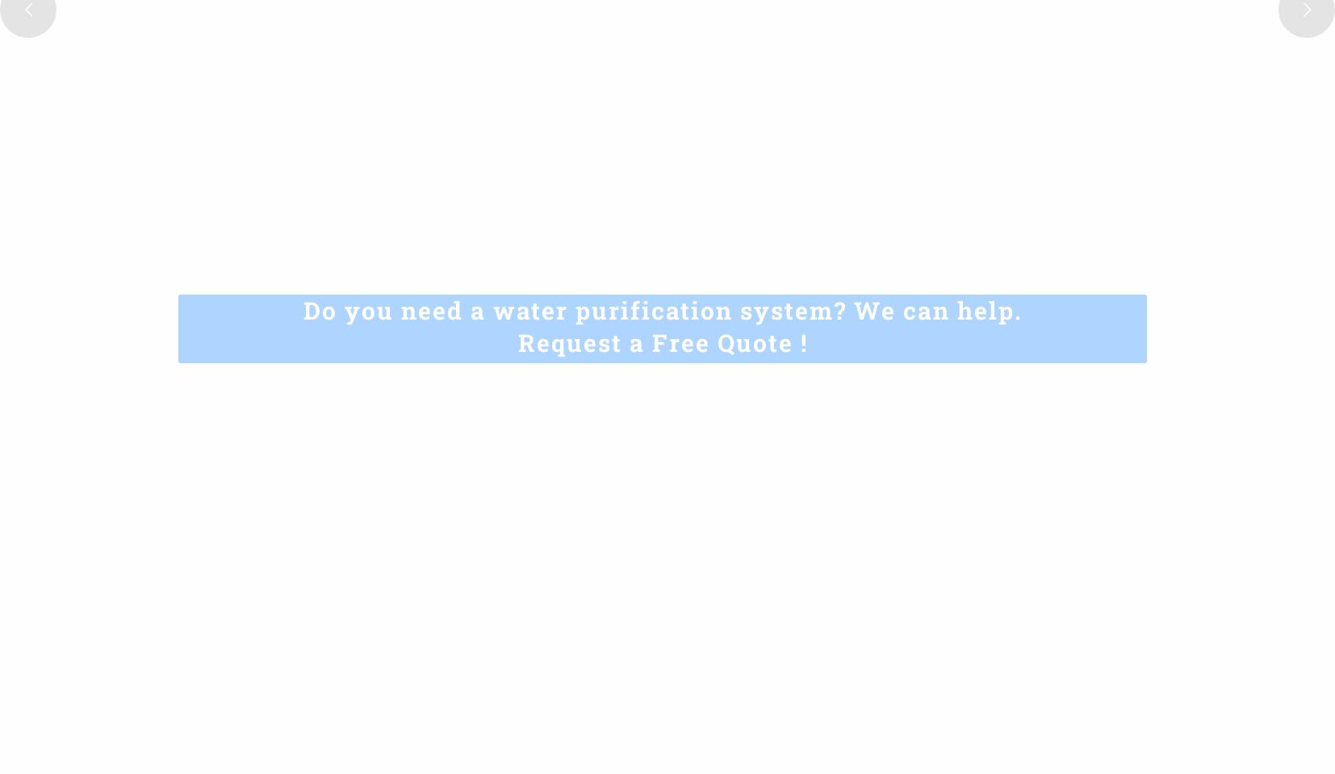  What do you see at coordinates (1234, 655) in the screenshot?
I see `'.'` at bounding box center [1234, 655].